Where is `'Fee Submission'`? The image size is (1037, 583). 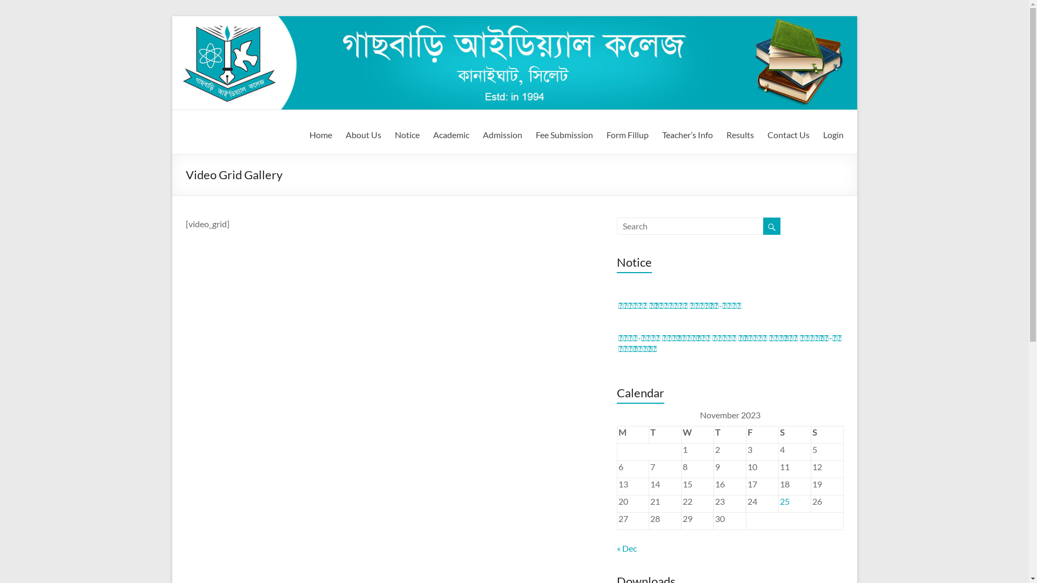
'Fee Submission' is located at coordinates (564, 132).